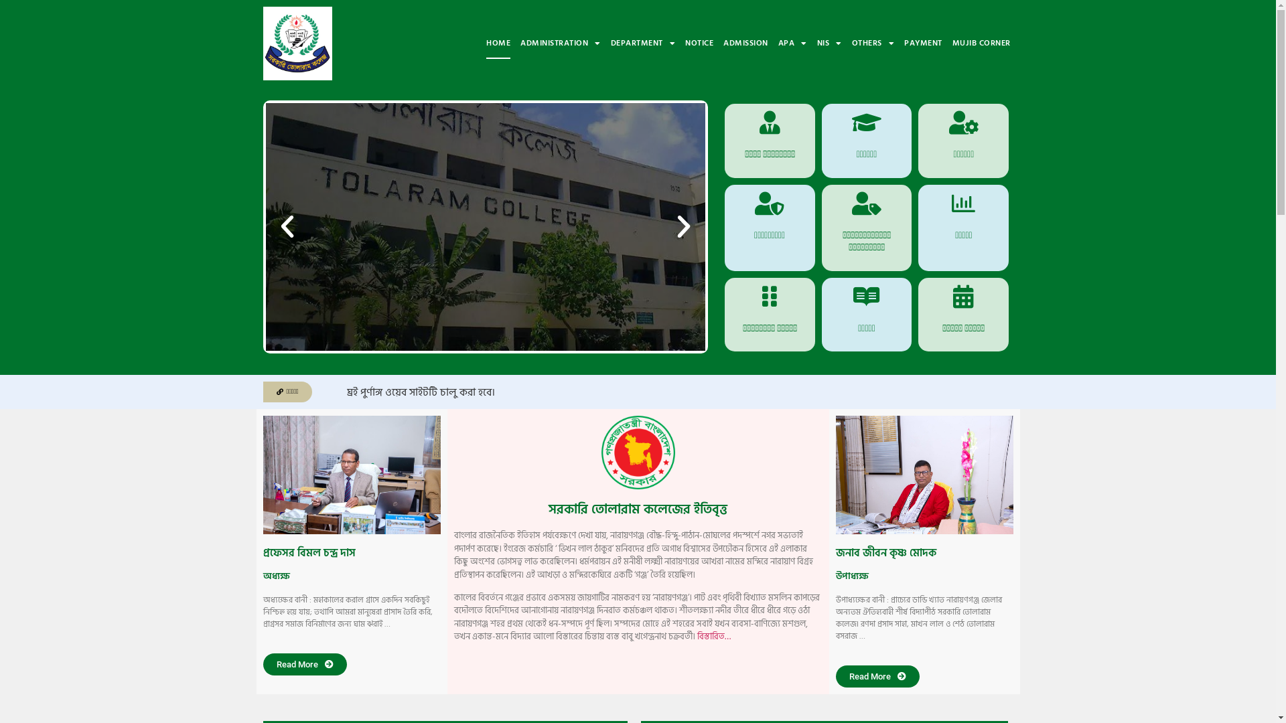 The width and height of the screenshot is (1286, 723). Describe the element at coordinates (792, 43) in the screenshot. I see `'APA'` at that location.